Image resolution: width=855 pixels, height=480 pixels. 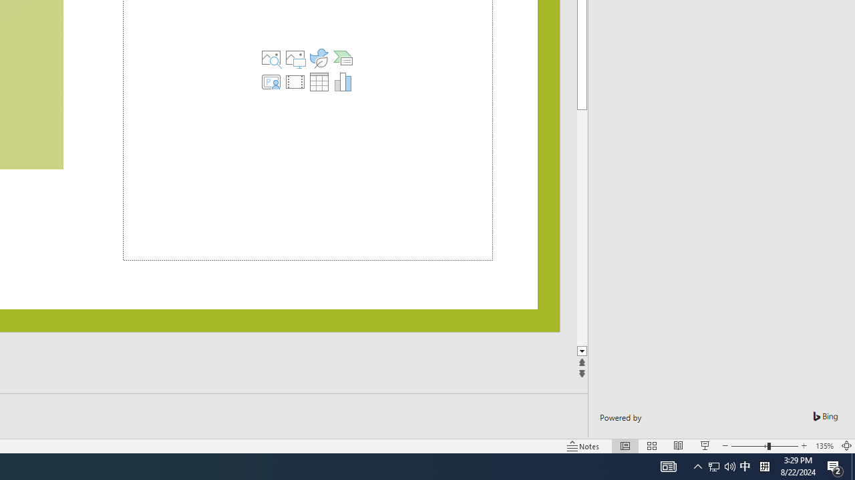 I want to click on 'Insert Cameo', so click(x=271, y=82).